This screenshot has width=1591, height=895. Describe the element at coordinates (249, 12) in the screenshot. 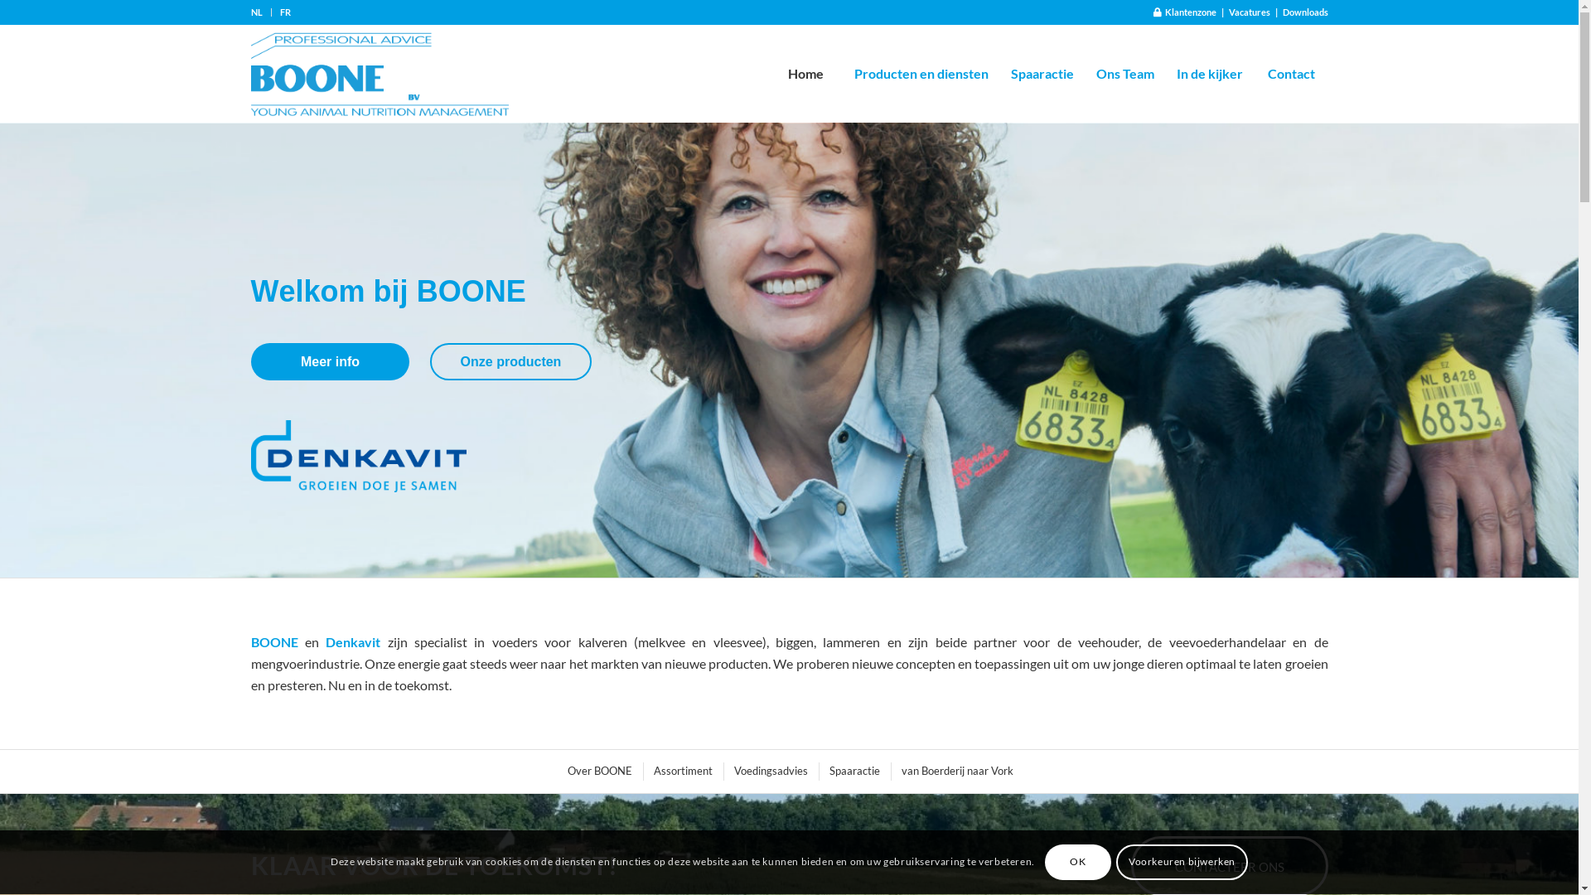

I see `'NL'` at that location.